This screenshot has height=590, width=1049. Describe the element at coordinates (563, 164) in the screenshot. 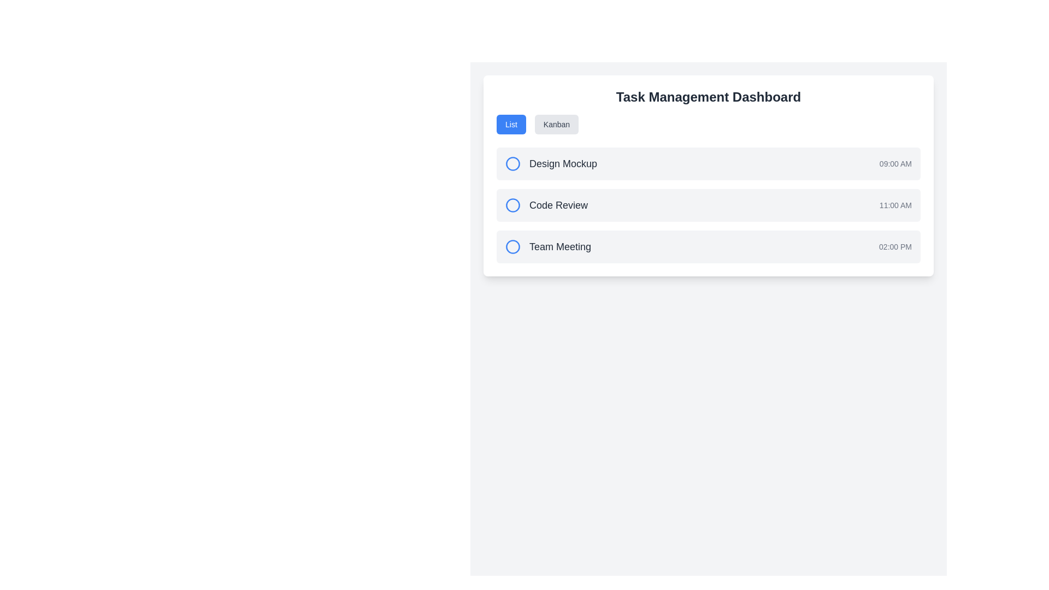

I see `the text label containing the phrase 'Design Mockup' which is styled in gray color and part of the Task Management Dashboard interface` at that location.